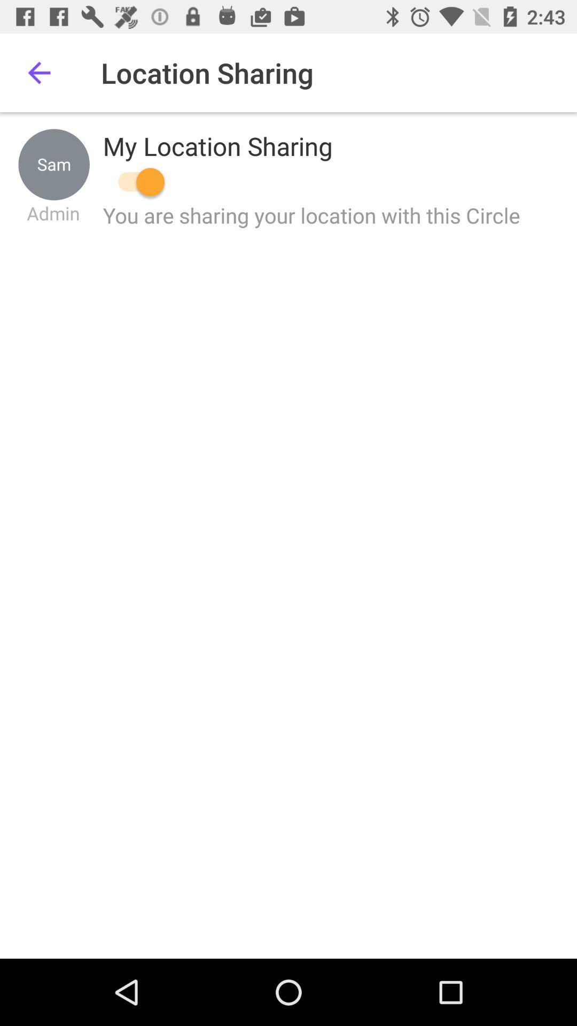 The image size is (577, 1026). What do you see at coordinates (135, 182) in the screenshot?
I see `location sharing` at bounding box center [135, 182].